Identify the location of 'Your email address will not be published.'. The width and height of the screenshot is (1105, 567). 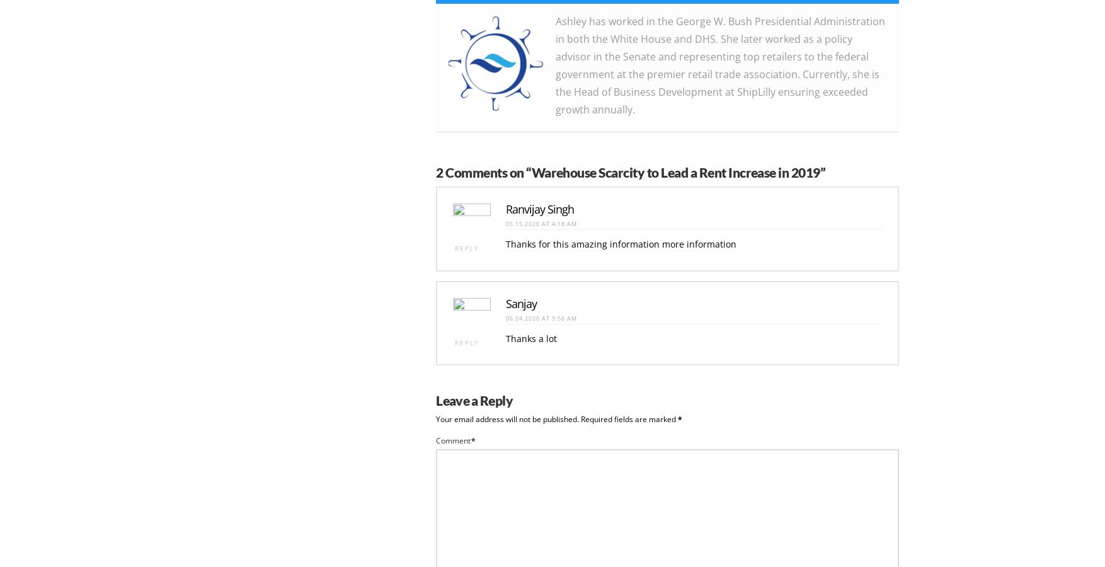
(507, 418).